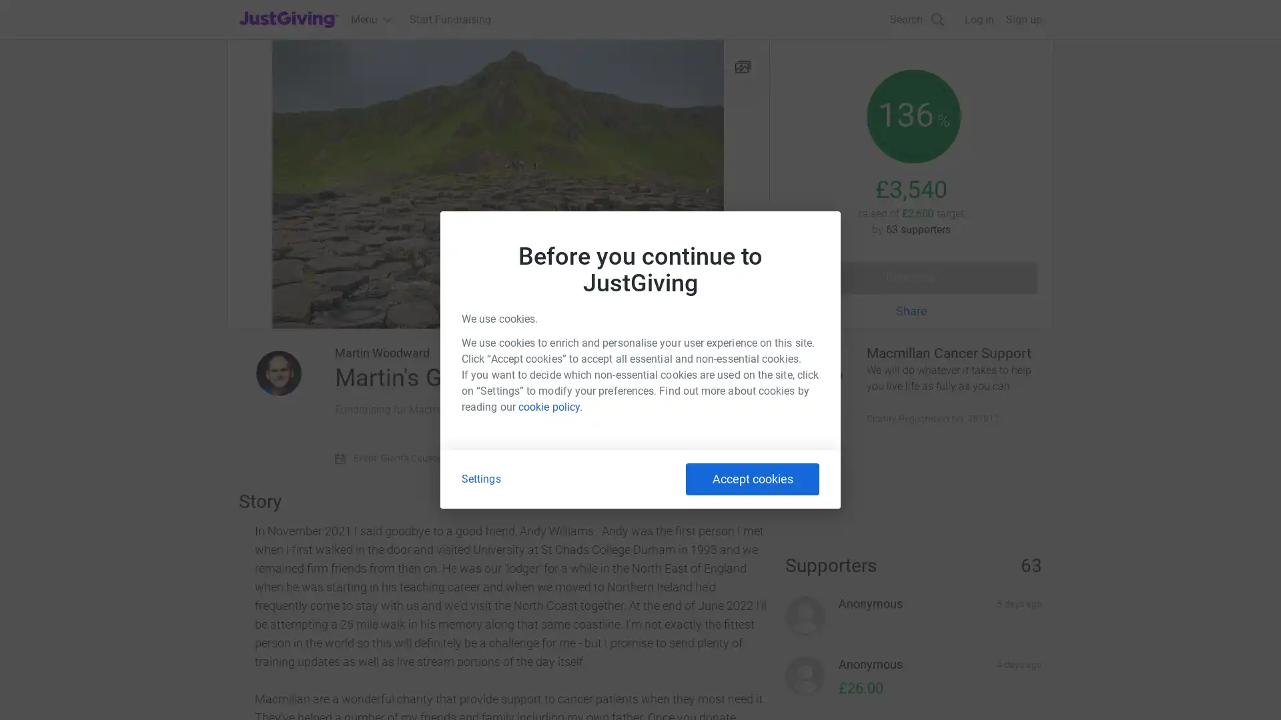  I want to click on Share, so click(911, 311).